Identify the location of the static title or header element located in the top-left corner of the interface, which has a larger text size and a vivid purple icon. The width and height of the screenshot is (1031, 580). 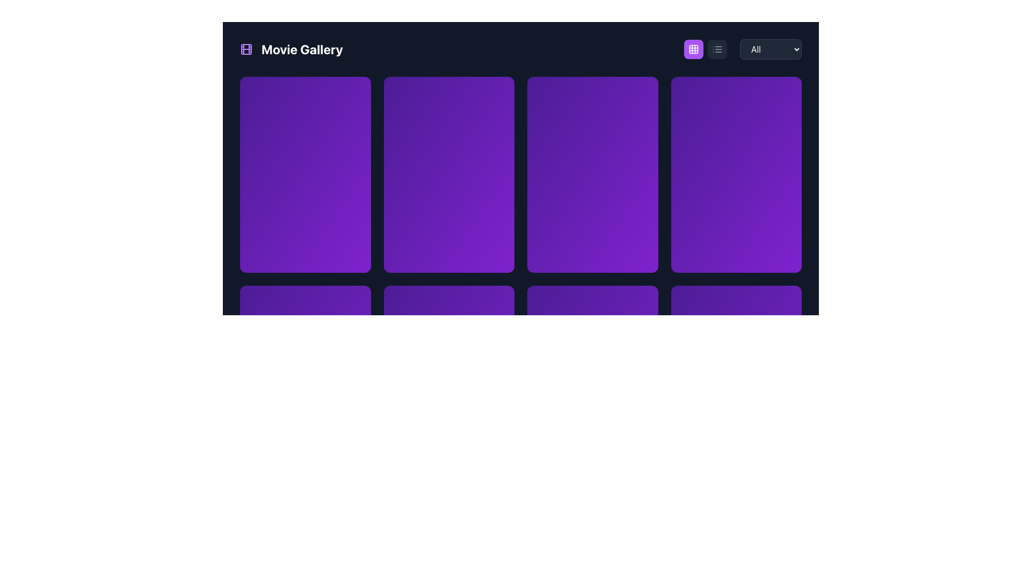
(291, 49).